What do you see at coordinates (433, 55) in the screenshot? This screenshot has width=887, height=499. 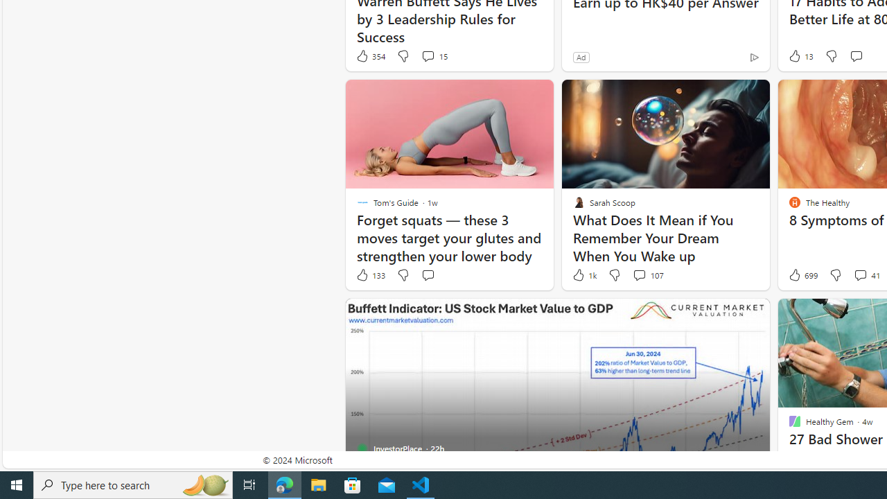 I see `'View comments 15 Comment'` at bounding box center [433, 55].